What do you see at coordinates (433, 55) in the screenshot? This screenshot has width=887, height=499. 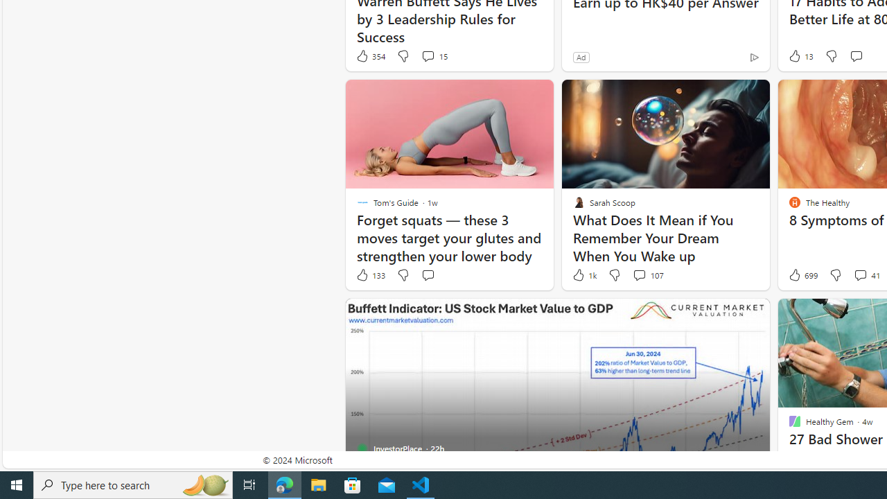 I see `'View comments 15 Comment'` at bounding box center [433, 55].